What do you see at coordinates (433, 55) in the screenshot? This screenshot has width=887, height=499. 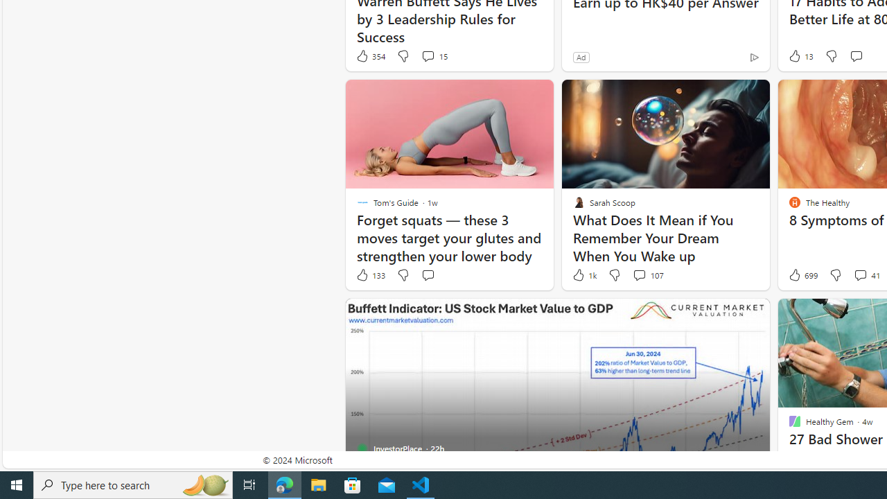 I see `'View comments 15 Comment'` at bounding box center [433, 55].